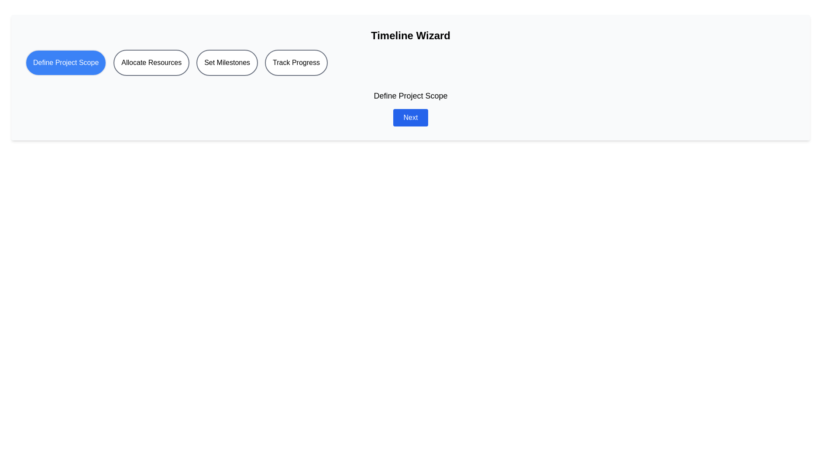 The width and height of the screenshot is (838, 471). What do you see at coordinates (410, 118) in the screenshot?
I see `the 'Next' button to proceed to the next step` at bounding box center [410, 118].